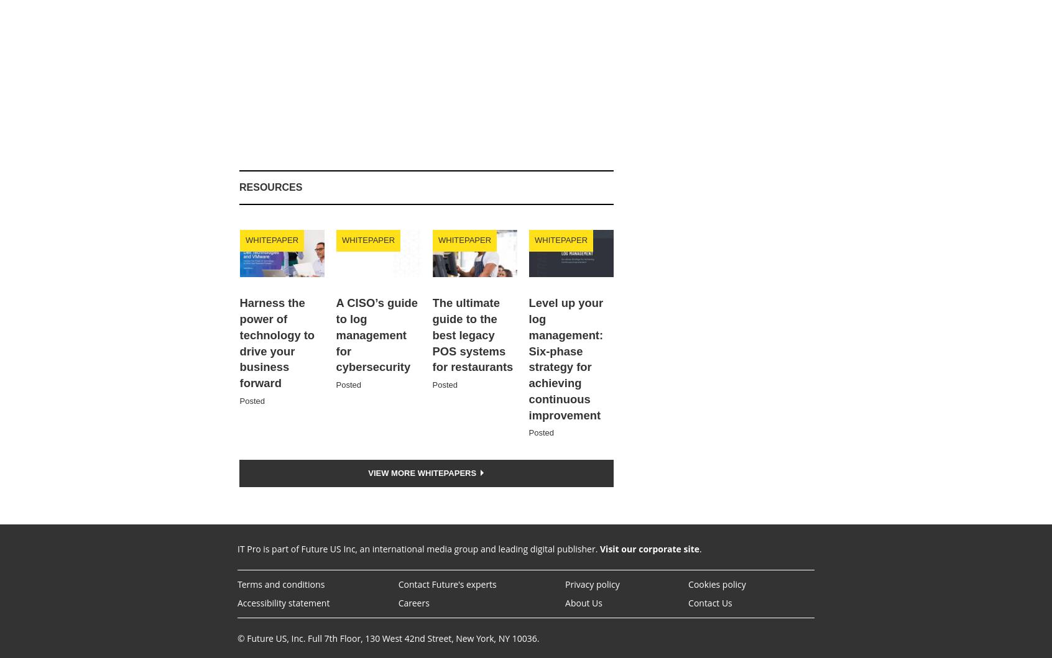 The height and width of the screenshot is (658, 1052). What do you see at coordinates (446, 584) in the screenshot?
I see `'Contact Future's experts'` at bounding box center [446, 584].